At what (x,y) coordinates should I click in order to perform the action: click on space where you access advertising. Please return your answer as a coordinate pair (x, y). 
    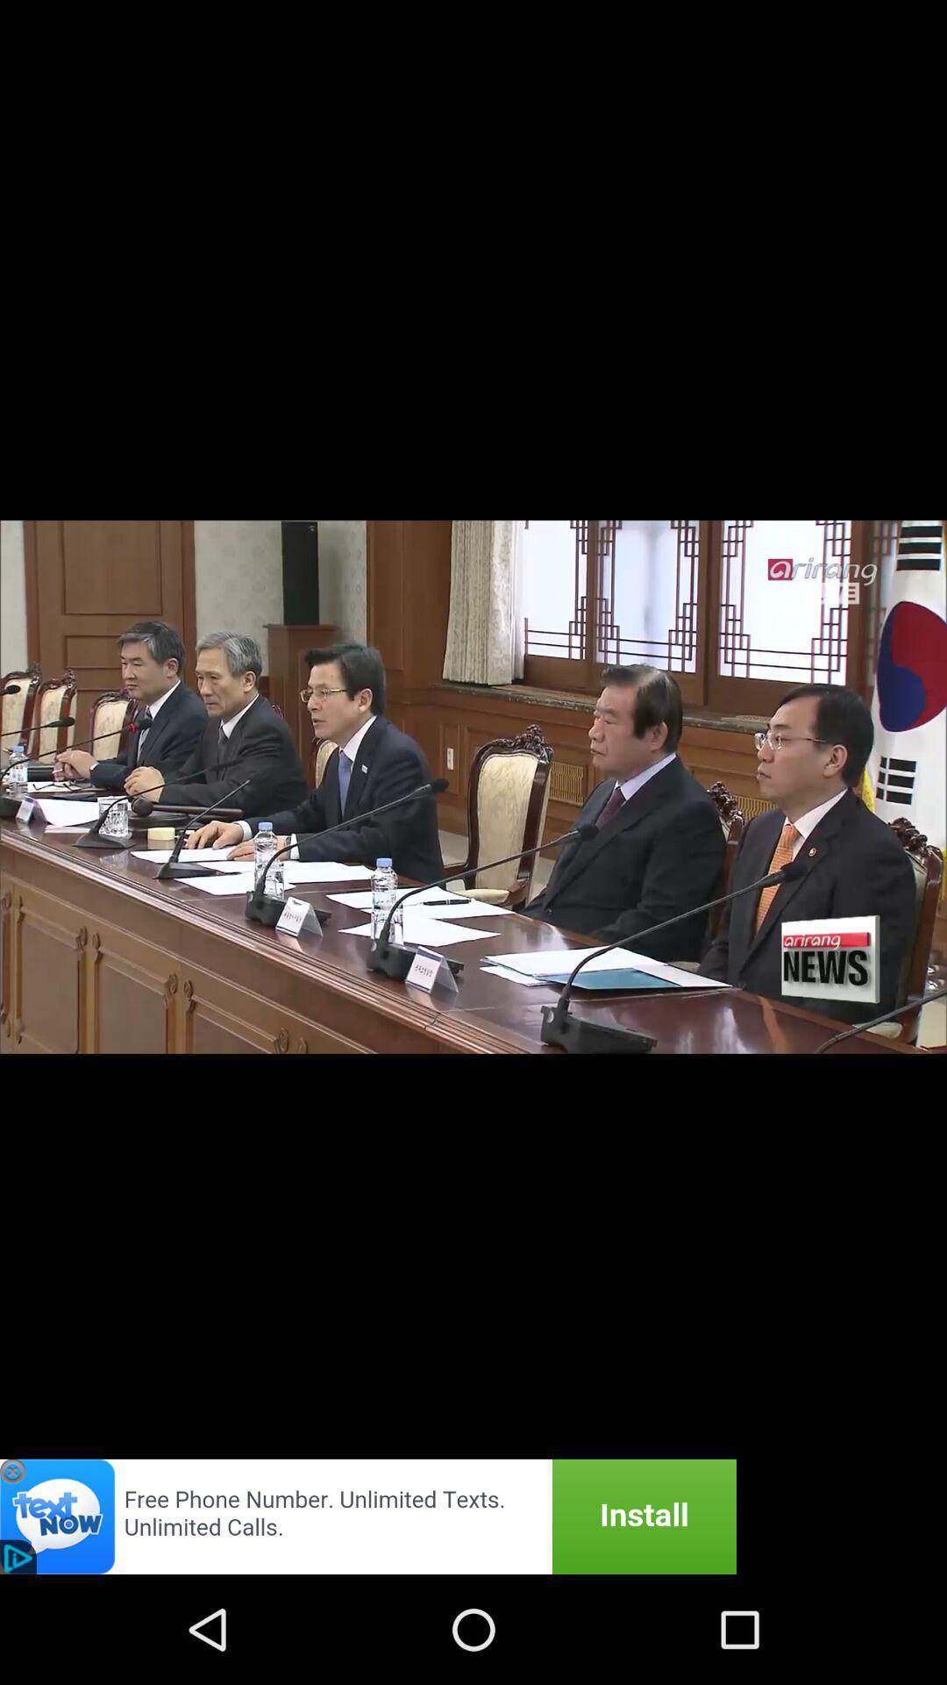
    Looking at the image, I should click on (367, 1516).